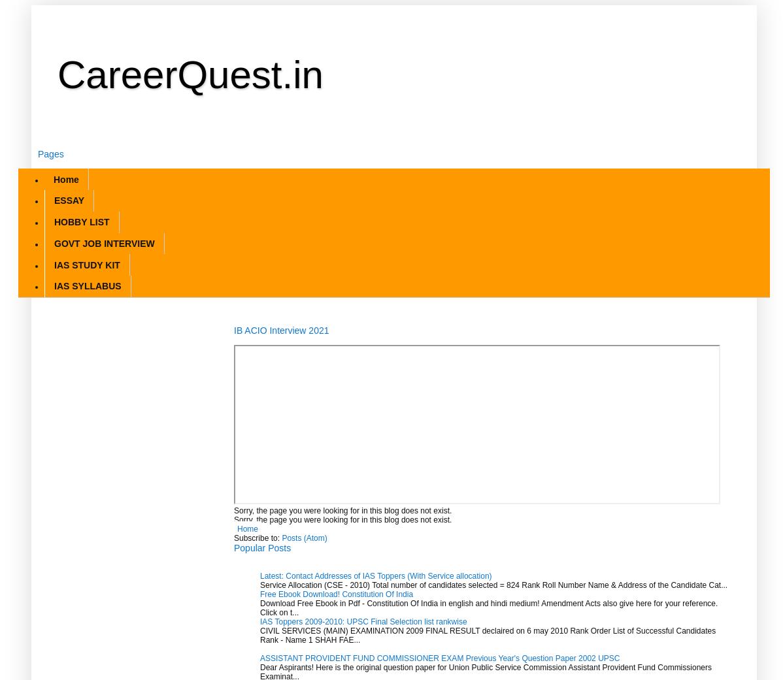 This screenshot has height=680, width=783. Describe the element at coordinates (190, 74) in the screenshot. I see `'CareerQuest.in'` at that location.